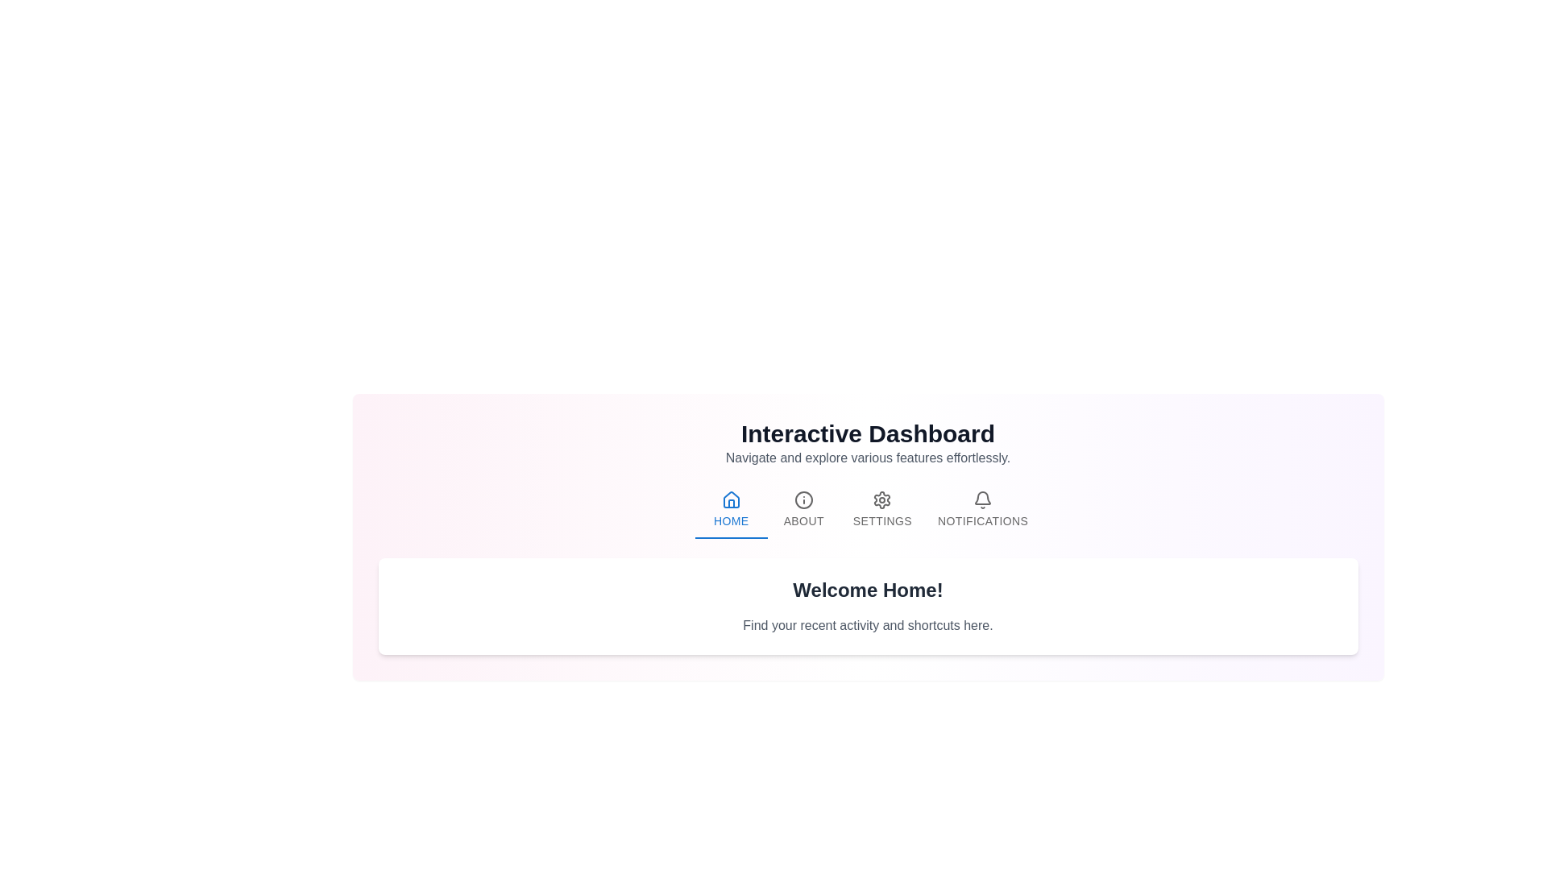 This screenshot has width=1547, height=870. What do you see at coordinates (867, 624) in the screenshot?
I see `the text element containing 'Find your recent activity and shortcuts here.' which is positioned directly beneath 'Welcome Home!' in the dashboard header` at bounding box center [867, 624].